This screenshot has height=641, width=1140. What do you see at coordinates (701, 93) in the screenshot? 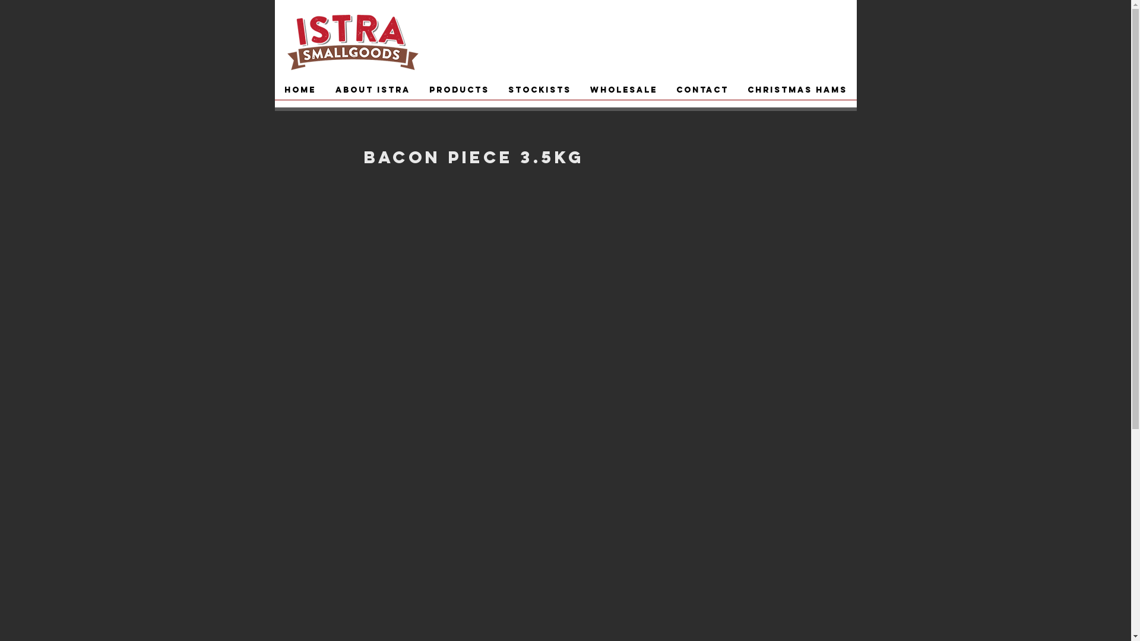
I see `'CONTACT'` at bounding box center [701, 93].